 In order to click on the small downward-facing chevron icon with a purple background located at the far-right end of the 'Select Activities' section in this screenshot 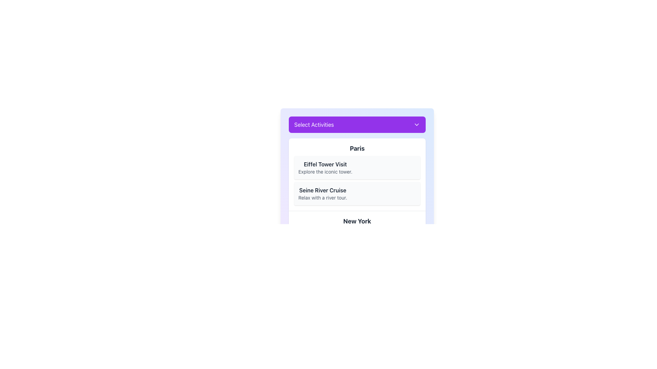, I will do `click(416, 125)`.